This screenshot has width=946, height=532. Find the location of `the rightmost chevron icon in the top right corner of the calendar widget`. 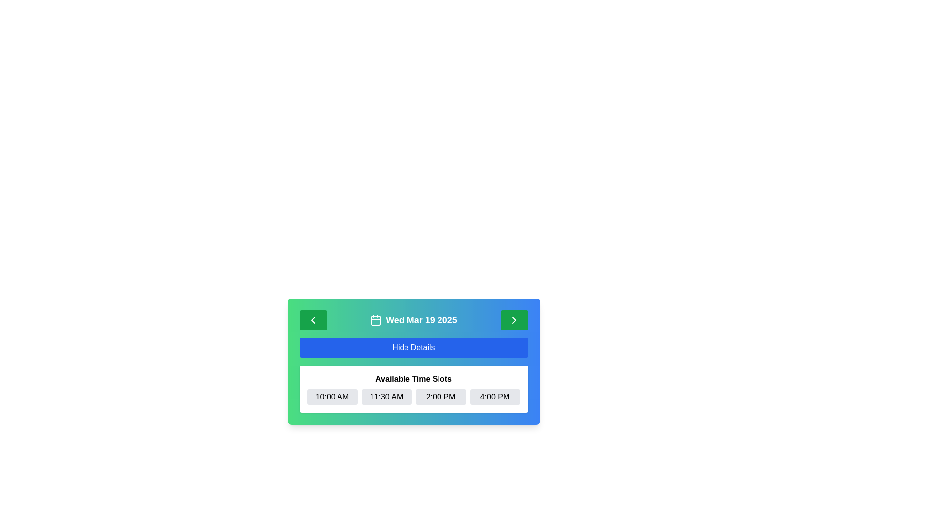

the rightmost chevron icon in the top right corner of the calendar widget is located at coordinates (513, 320).